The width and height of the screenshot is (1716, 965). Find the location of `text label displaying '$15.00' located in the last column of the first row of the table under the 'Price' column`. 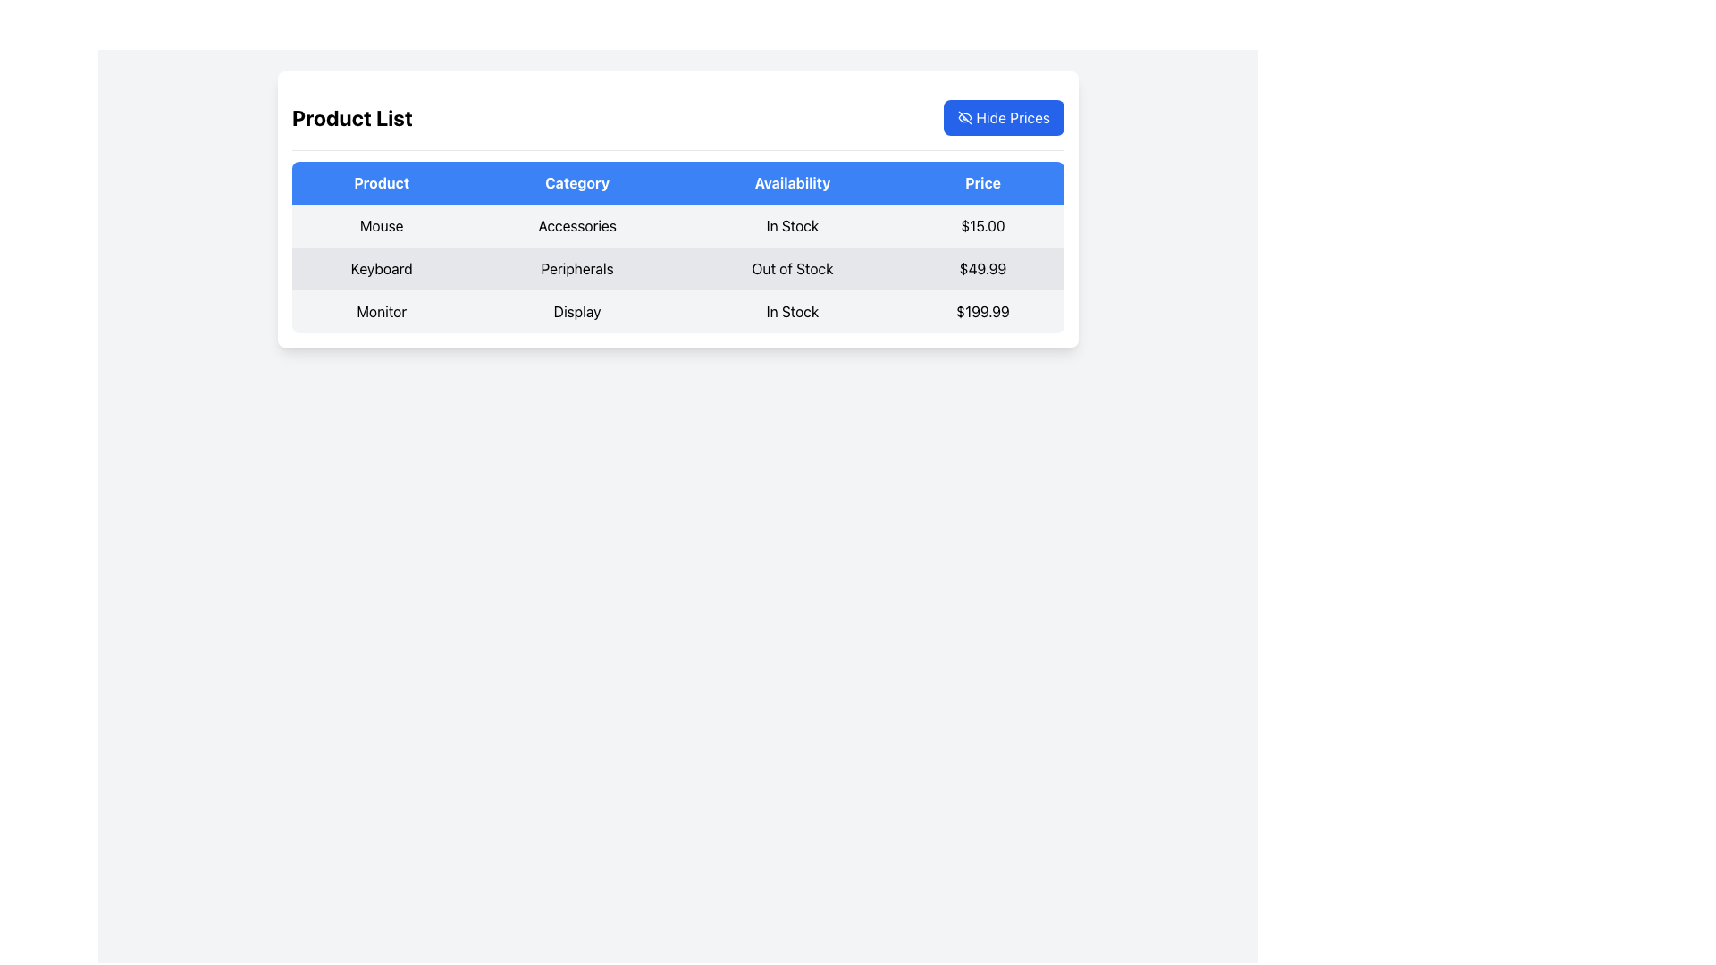

text label displaying '$15.00' located in the last column of the first row of the table under the 'Price' column is located at coordinates (981, 225).